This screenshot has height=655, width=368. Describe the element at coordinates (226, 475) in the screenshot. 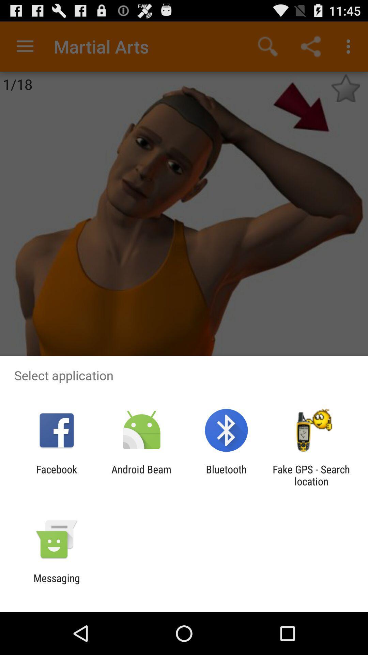

I see `item next to the android beam item` at that location.